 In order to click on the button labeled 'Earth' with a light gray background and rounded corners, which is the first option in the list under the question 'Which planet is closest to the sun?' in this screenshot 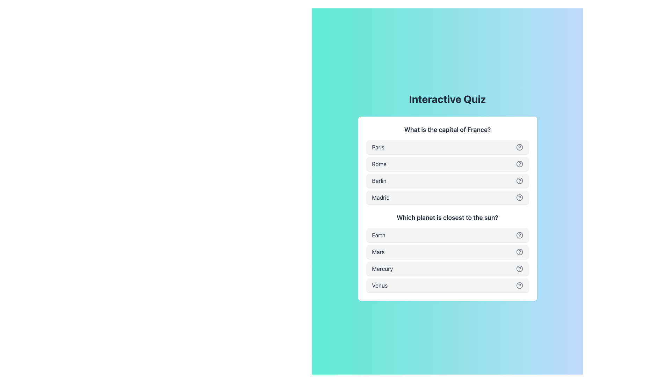, I will do `click(447, 235)`.